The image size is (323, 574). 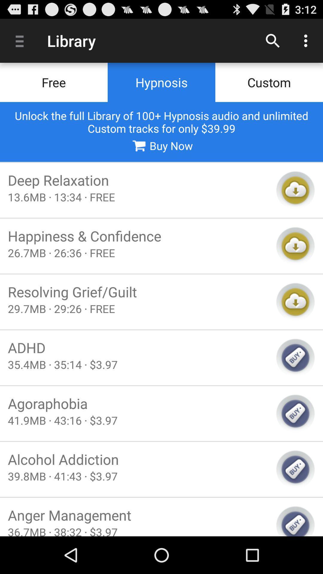 What do you see at coordinates (295, 469) in the screenshot?
I see `buy alcohol addiction audio` at bounding box center [295, 469].